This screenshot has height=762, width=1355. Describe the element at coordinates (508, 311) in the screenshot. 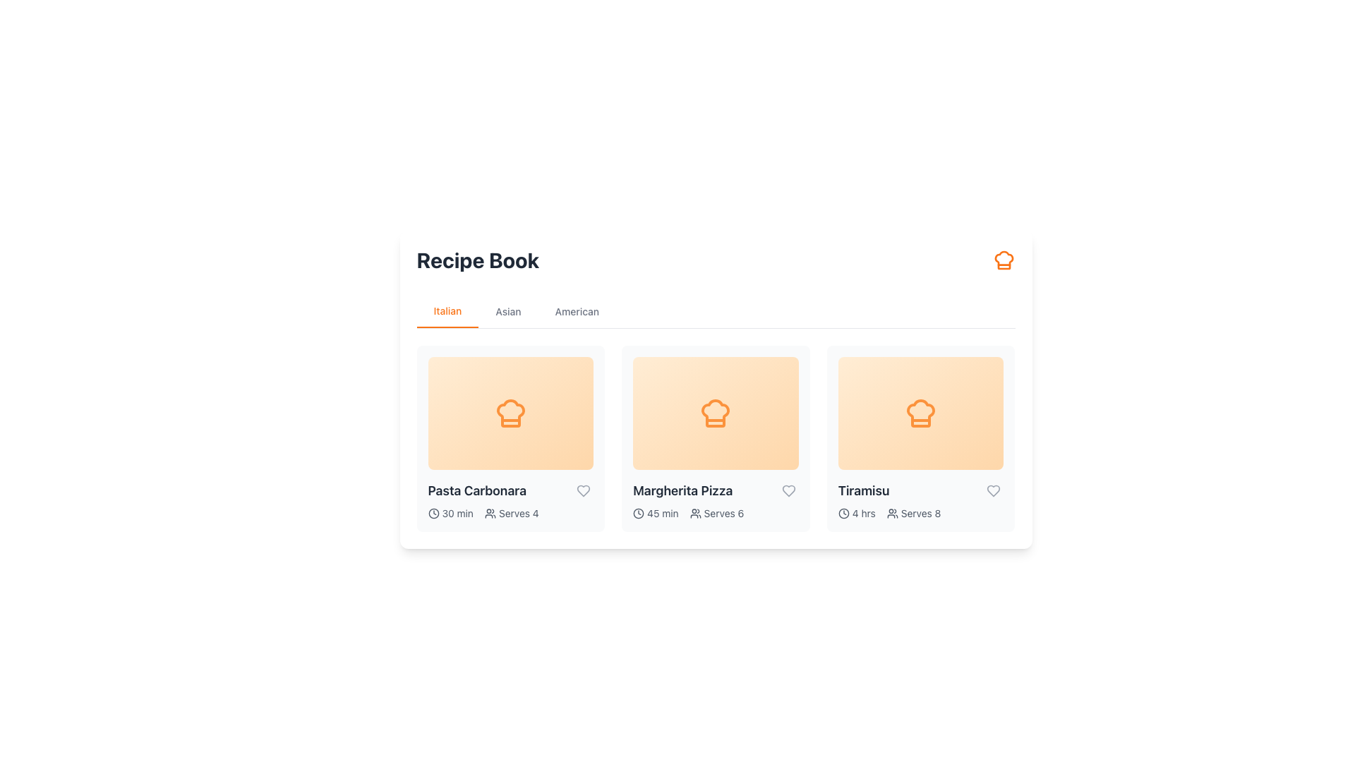

I see `the text label displaying 'Asian', which is in the middle of three text elements under the 'Recipe Book' heading` at that location.